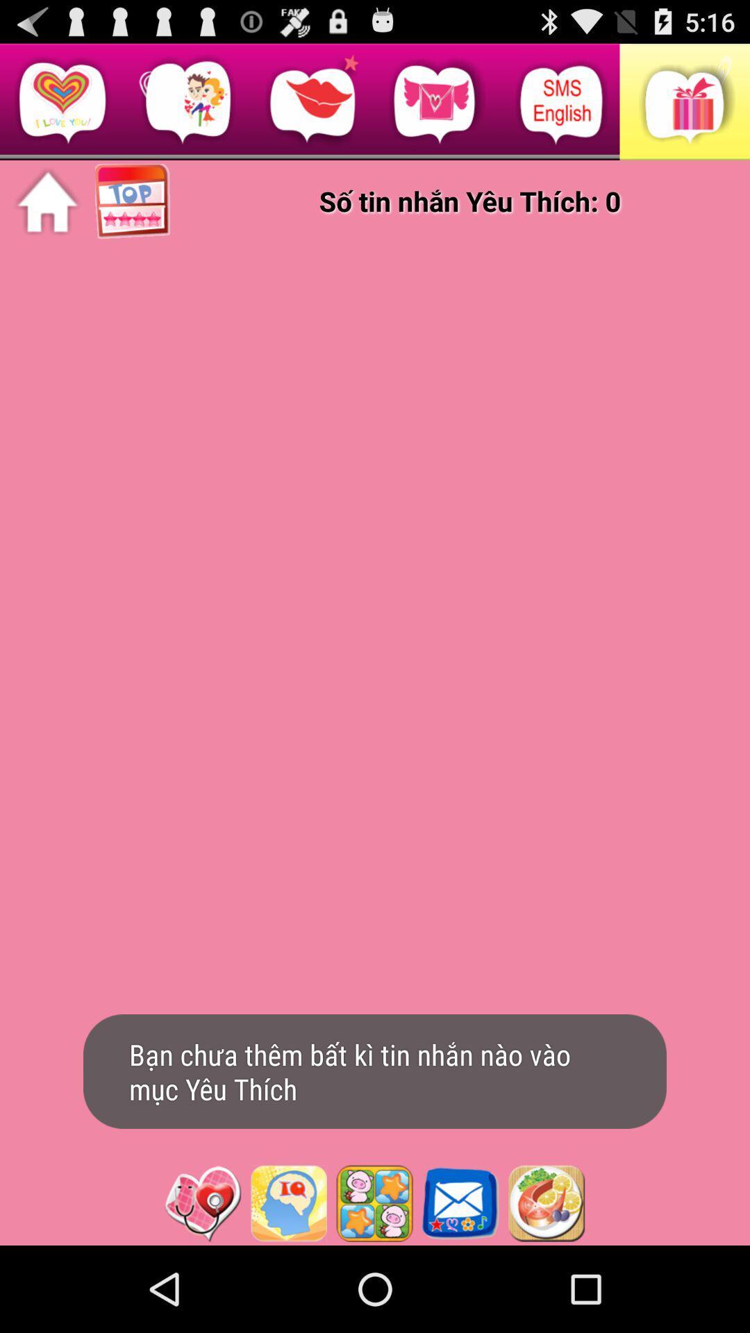 Image resolution: width=750 pixels, height=1333 pixels. What do you see at coordinates (47, 201) in the screenshot?
I see `main menu` at bounding box center [47, 201].